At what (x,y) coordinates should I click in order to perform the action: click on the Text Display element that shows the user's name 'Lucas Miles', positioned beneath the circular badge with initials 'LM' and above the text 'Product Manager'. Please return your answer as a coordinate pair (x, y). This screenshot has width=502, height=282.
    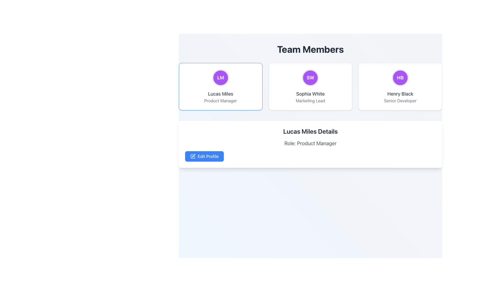
    Looking at the image, I should click on (220, 93).